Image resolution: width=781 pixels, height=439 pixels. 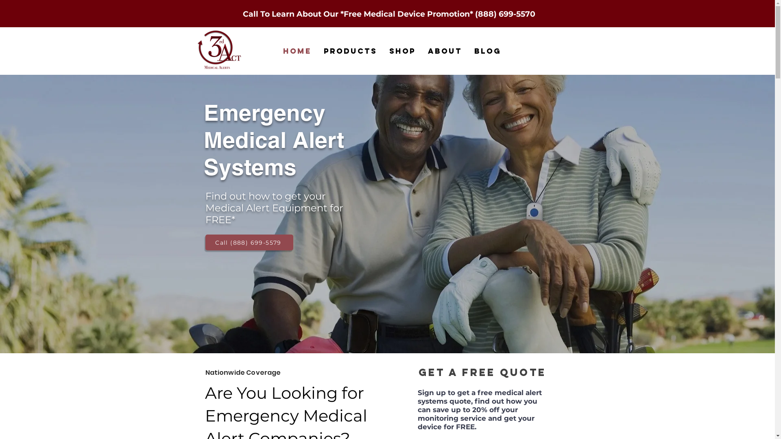 What do you see at coordinates (444, 51) in the screenshot?
I see `'About'` at bounding box center [444, 51].